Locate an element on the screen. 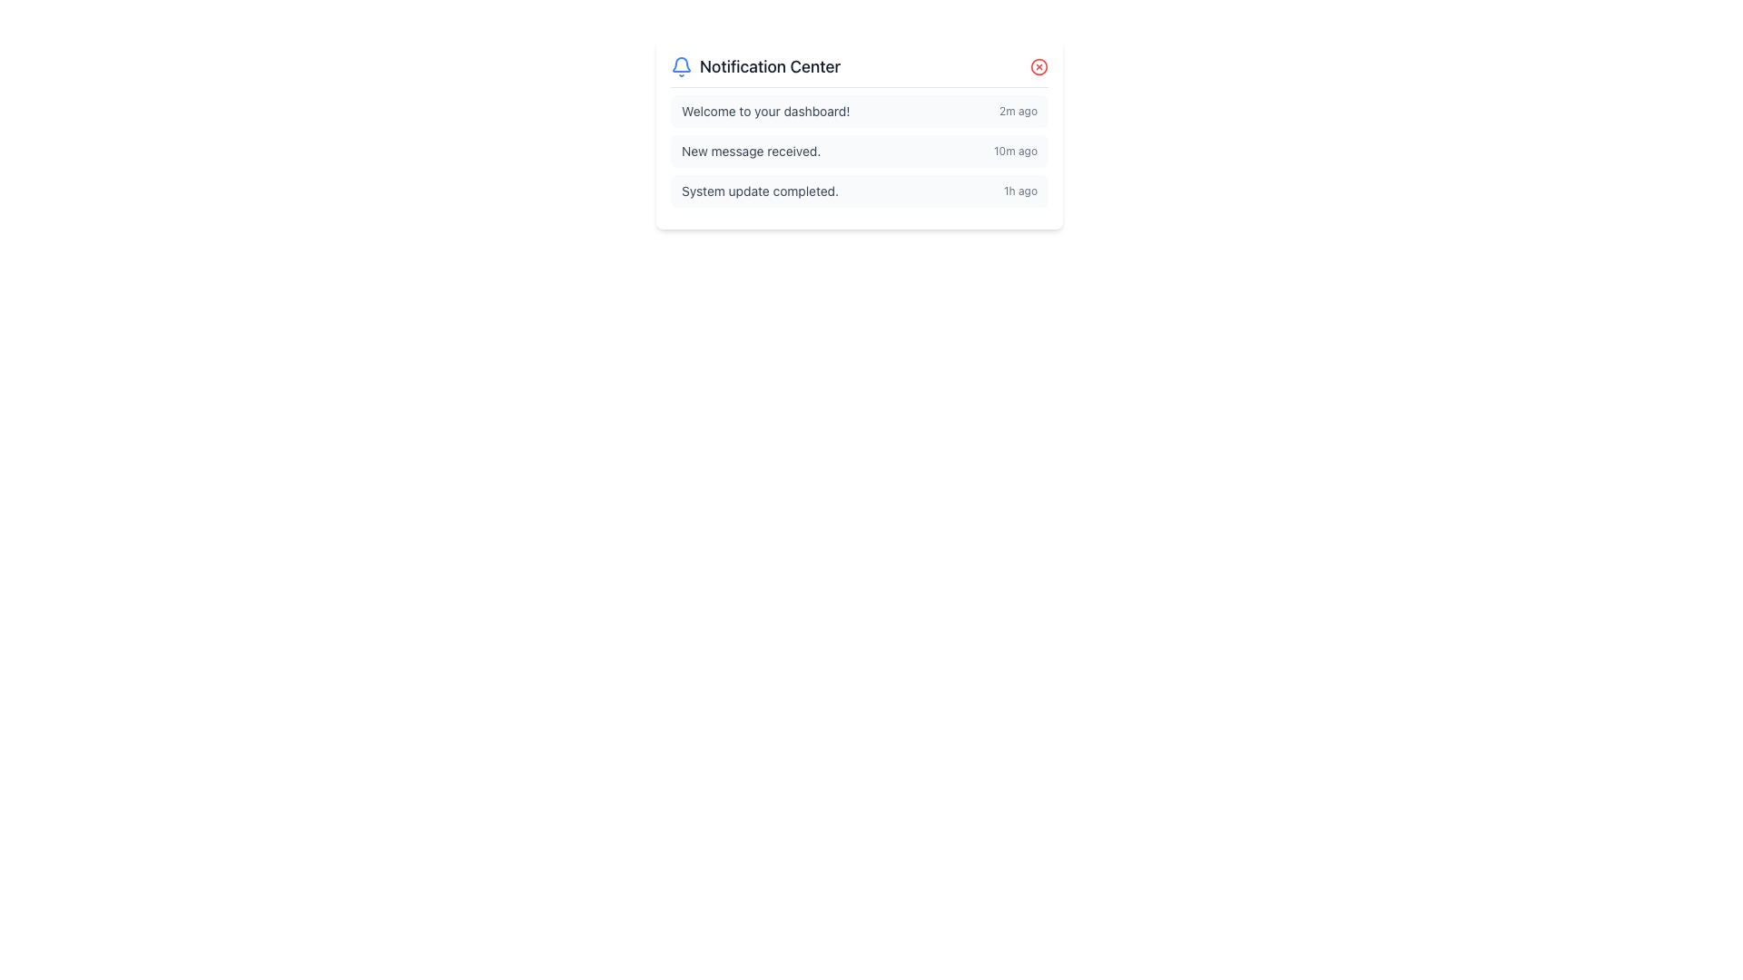 The image size is (1743, 980). the static text element displaying '10m ago', which is located at the end of the second notification message row inside the Notification Center panel is located at coordinates (1014, 150).